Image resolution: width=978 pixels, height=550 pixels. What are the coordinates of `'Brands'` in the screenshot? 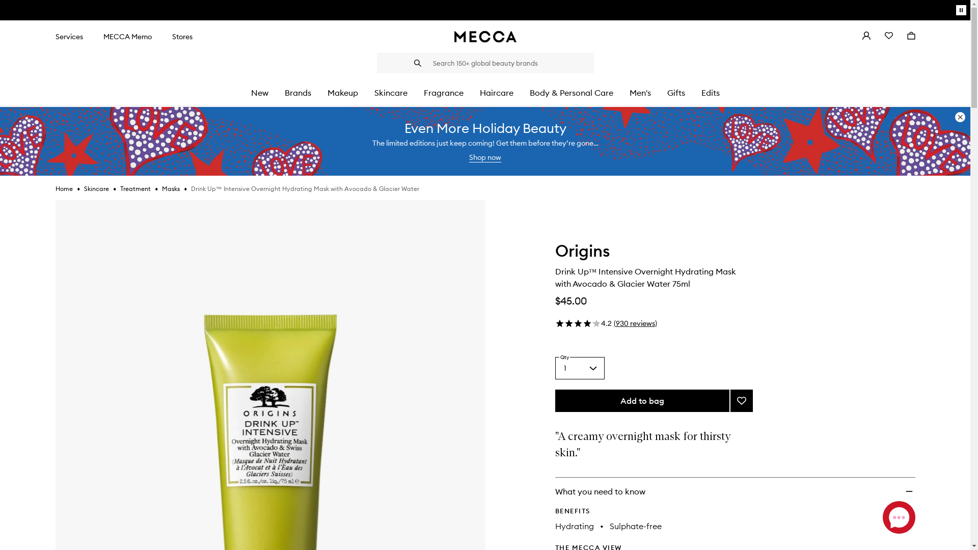 It's located at (284, 93).